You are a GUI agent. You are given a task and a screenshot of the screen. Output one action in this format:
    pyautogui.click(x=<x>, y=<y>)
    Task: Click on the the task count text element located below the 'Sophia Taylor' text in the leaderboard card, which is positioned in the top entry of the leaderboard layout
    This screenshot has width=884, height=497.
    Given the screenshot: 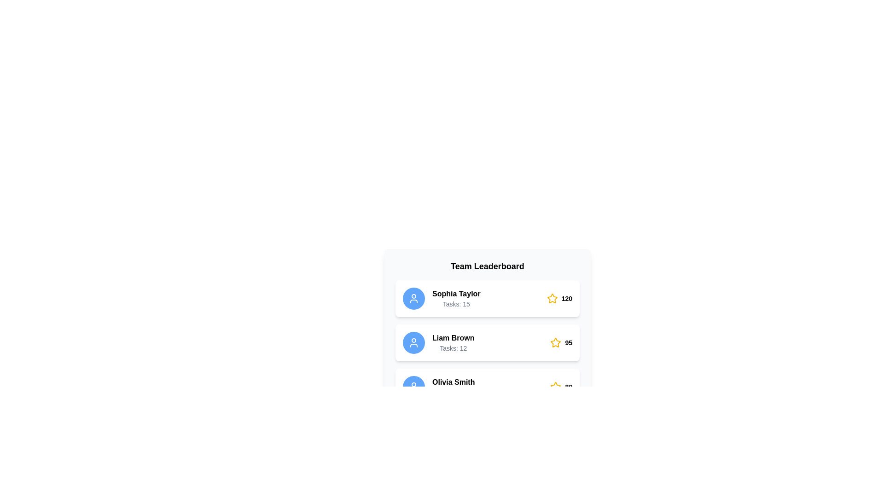 What is the action you would take?
    pyautogui.click(x=456, y=304)
    